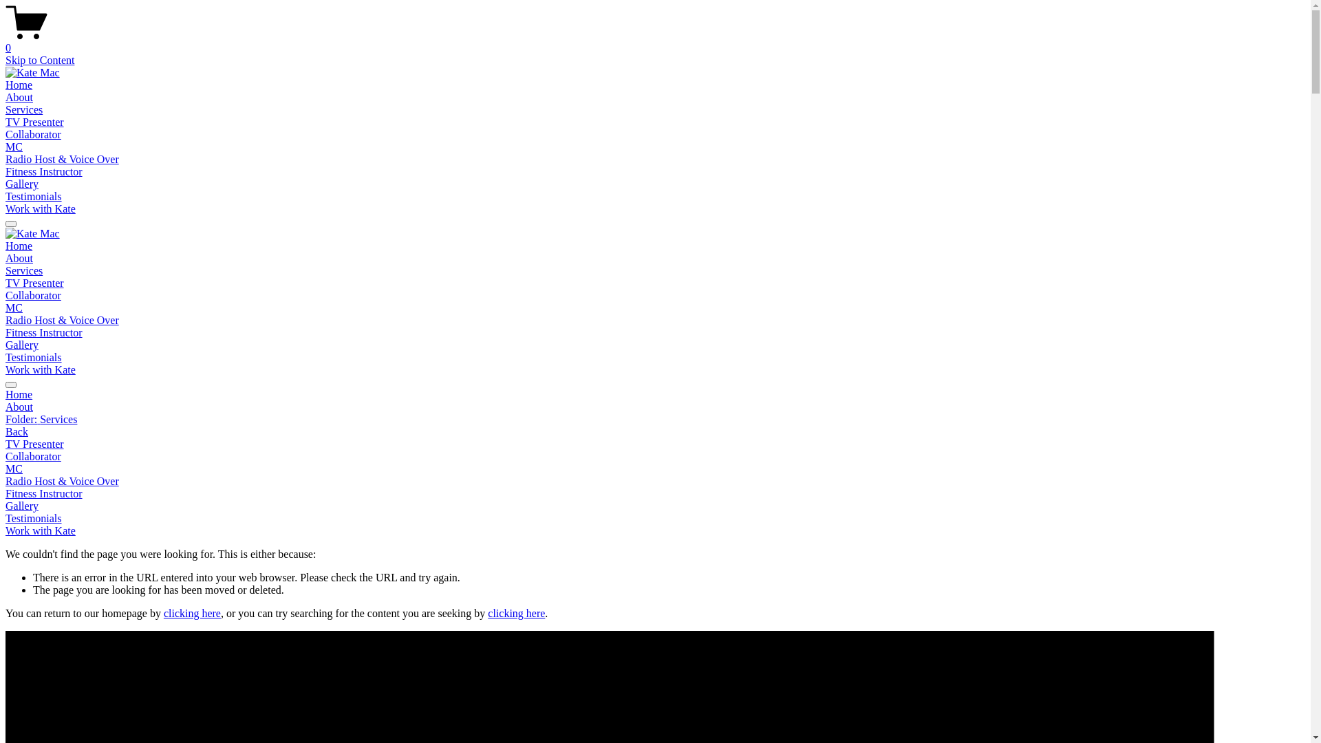 The height and width of the screenshot is (743, 1321). Describe the element at coordinates (654, 518) in the screenshot. I see `'Testimonials'` at that location.